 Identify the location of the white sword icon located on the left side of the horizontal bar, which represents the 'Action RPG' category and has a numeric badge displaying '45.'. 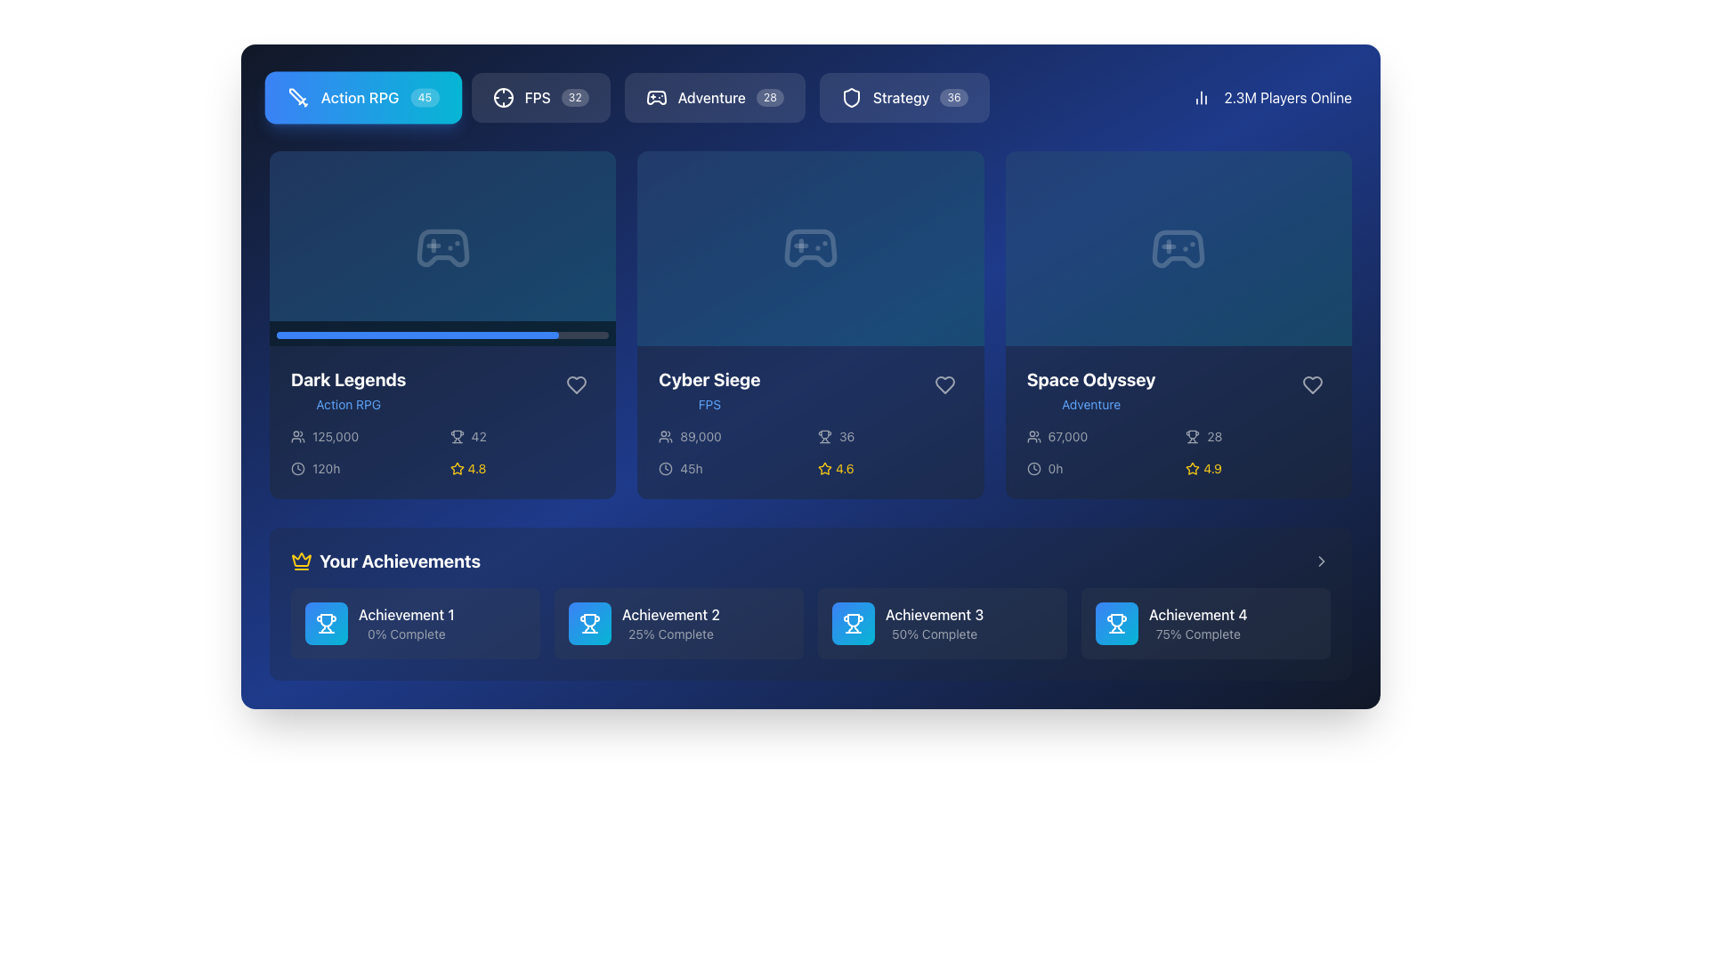
(298, 98).